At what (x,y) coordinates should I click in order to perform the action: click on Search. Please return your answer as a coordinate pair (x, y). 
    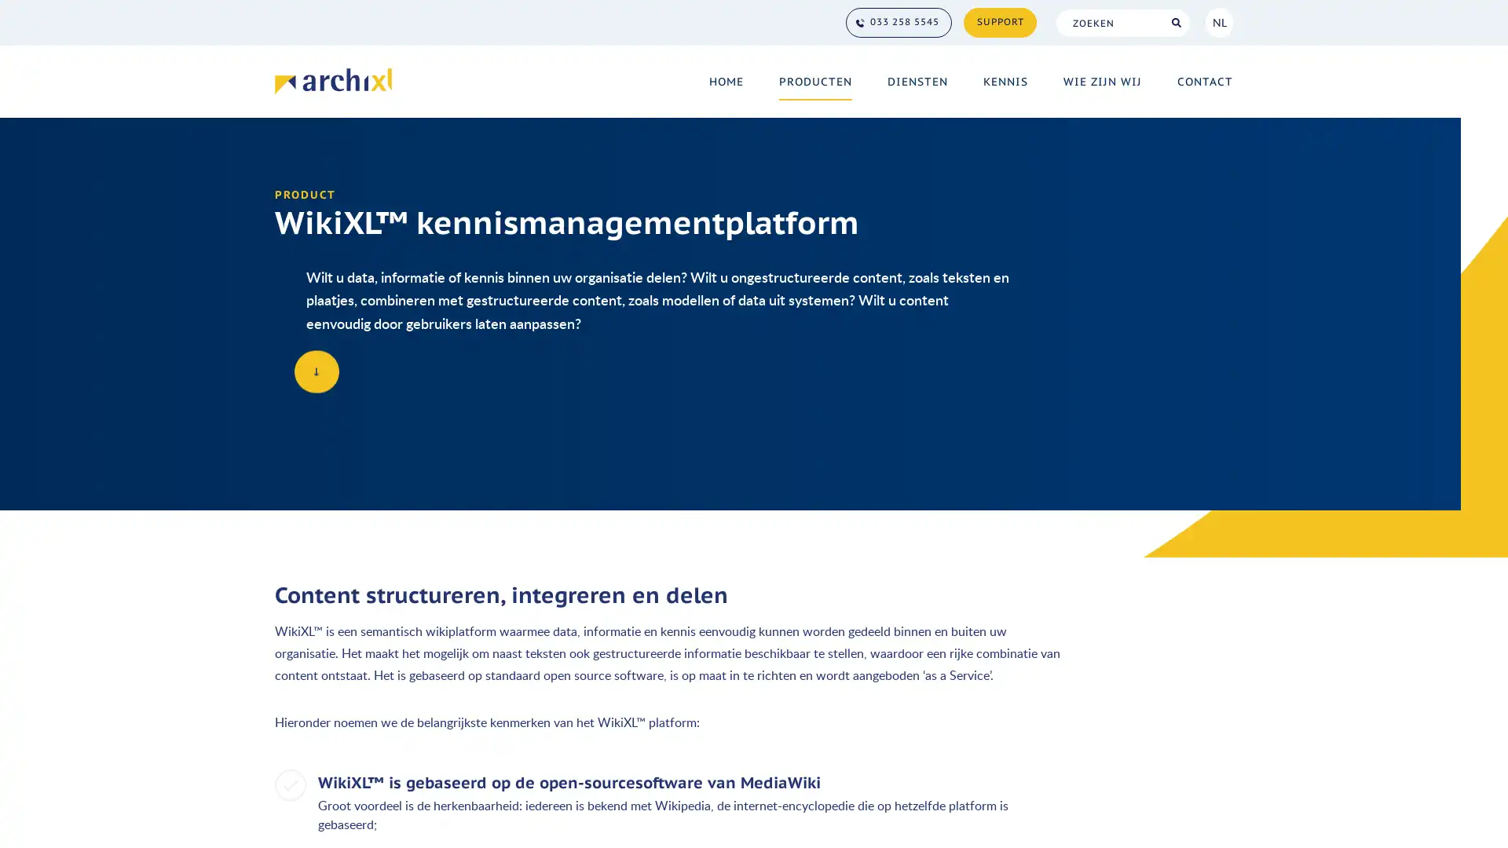
    Looking at the image, I should click on (1176, 22).